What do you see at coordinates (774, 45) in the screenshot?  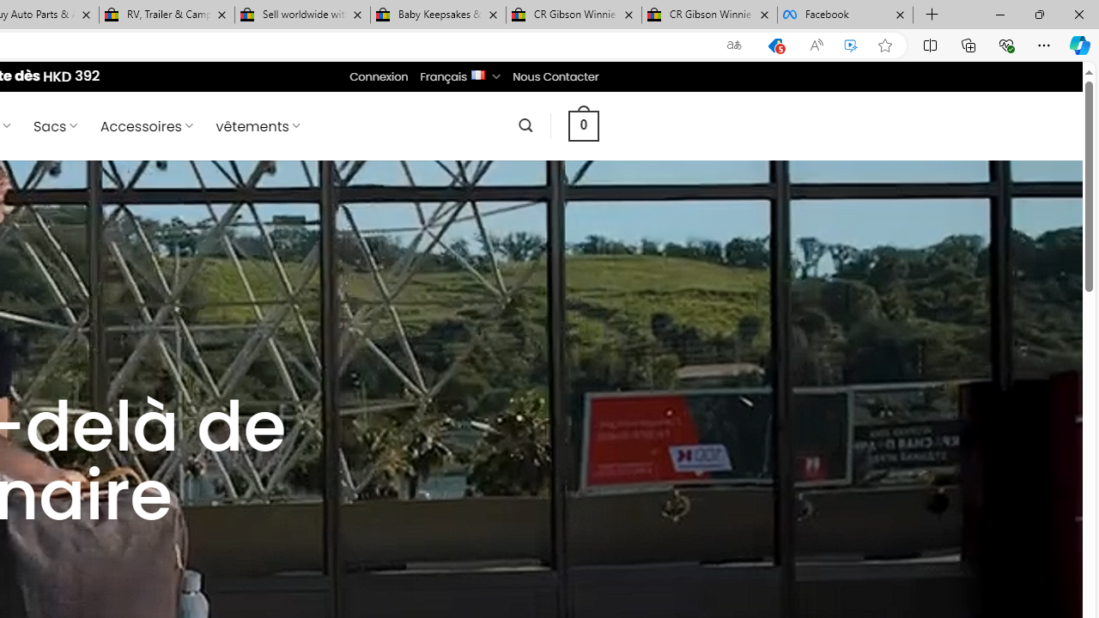 I see `'This site has coupons! Shopping in Microsoft Edge, 5'` at bounding box center [774, 45].